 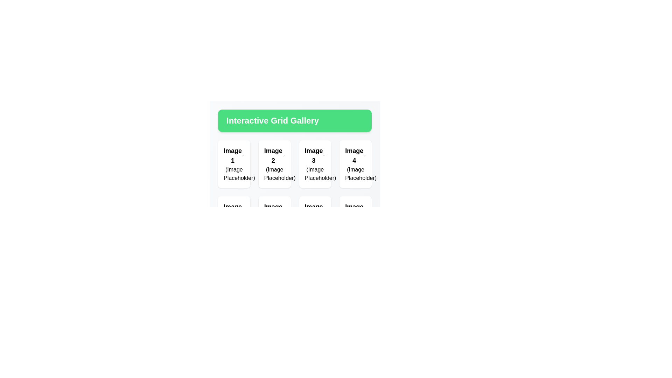 I want to click on the text label with the green background and white text reading 'Interactive Grid Gallery', which is located at the top of the layout above the grid of image placeholders, so click(x=295, y=120).